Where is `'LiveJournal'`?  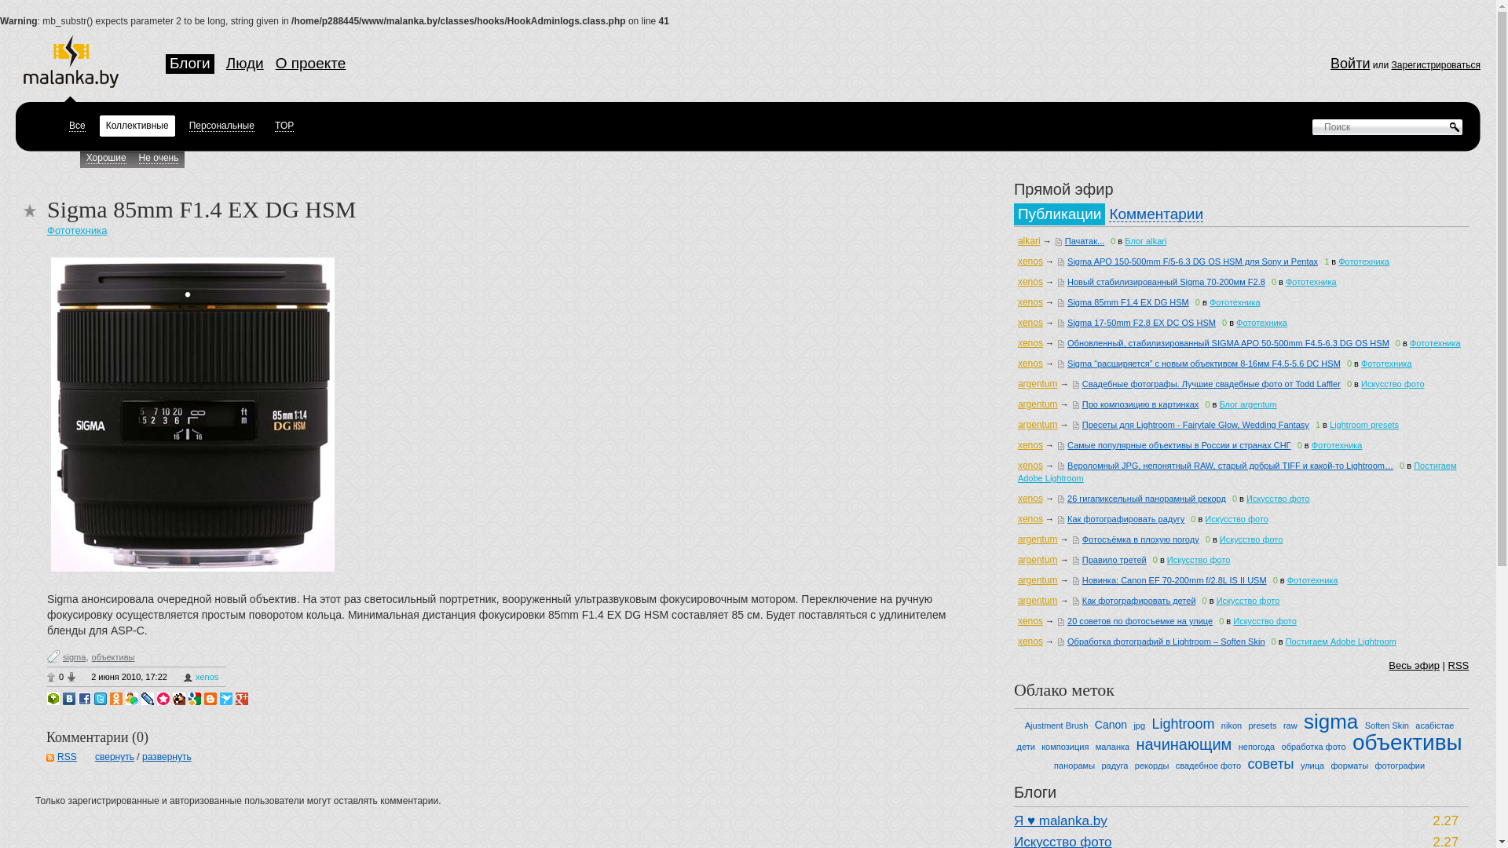 'LiveJournal' is located at coordinates (147, 698).